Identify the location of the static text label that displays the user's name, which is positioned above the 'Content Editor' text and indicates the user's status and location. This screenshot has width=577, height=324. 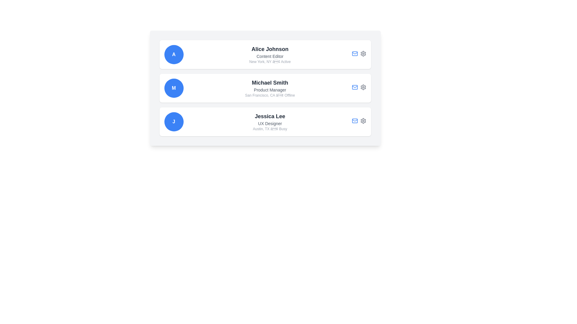
(270, 49).